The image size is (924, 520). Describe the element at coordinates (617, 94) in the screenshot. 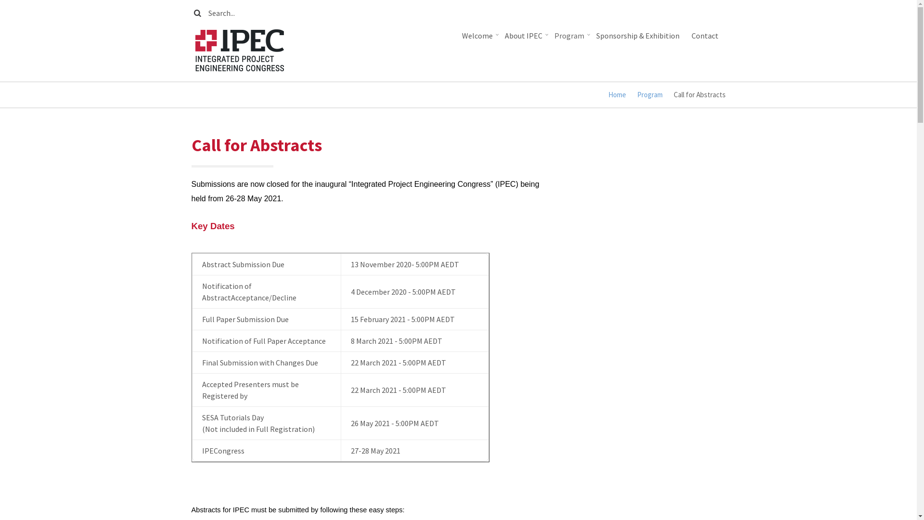

I see `'Home'` at that location.